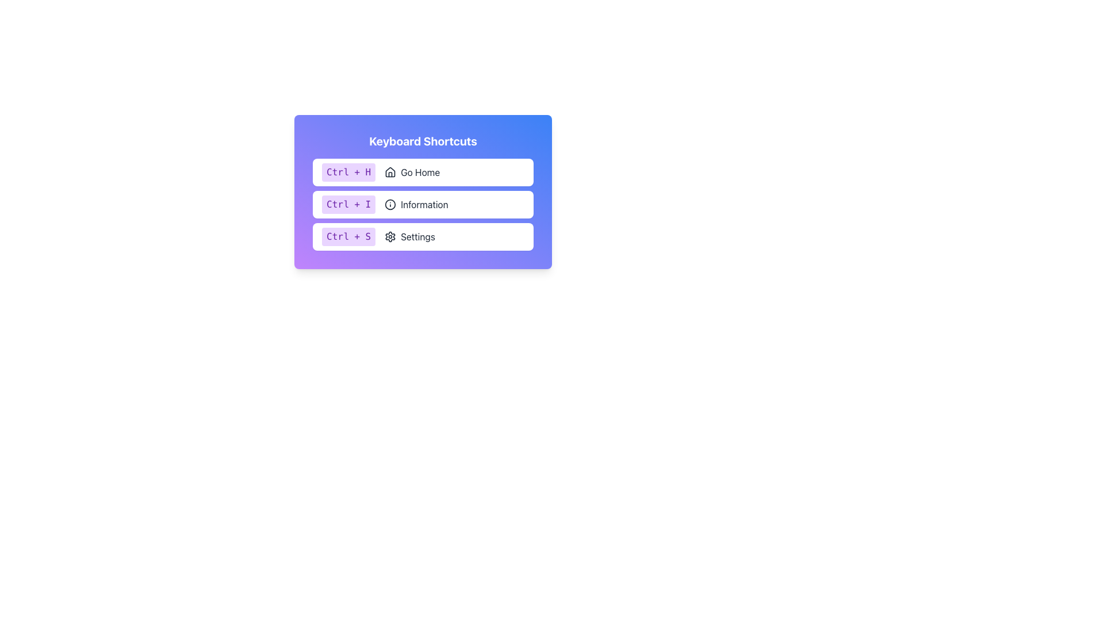  I want to click on the decorative outer circular frame of the information icon, which is the SVG circle graphic element located in the middle row of the shortcut list, so click(390, 204).